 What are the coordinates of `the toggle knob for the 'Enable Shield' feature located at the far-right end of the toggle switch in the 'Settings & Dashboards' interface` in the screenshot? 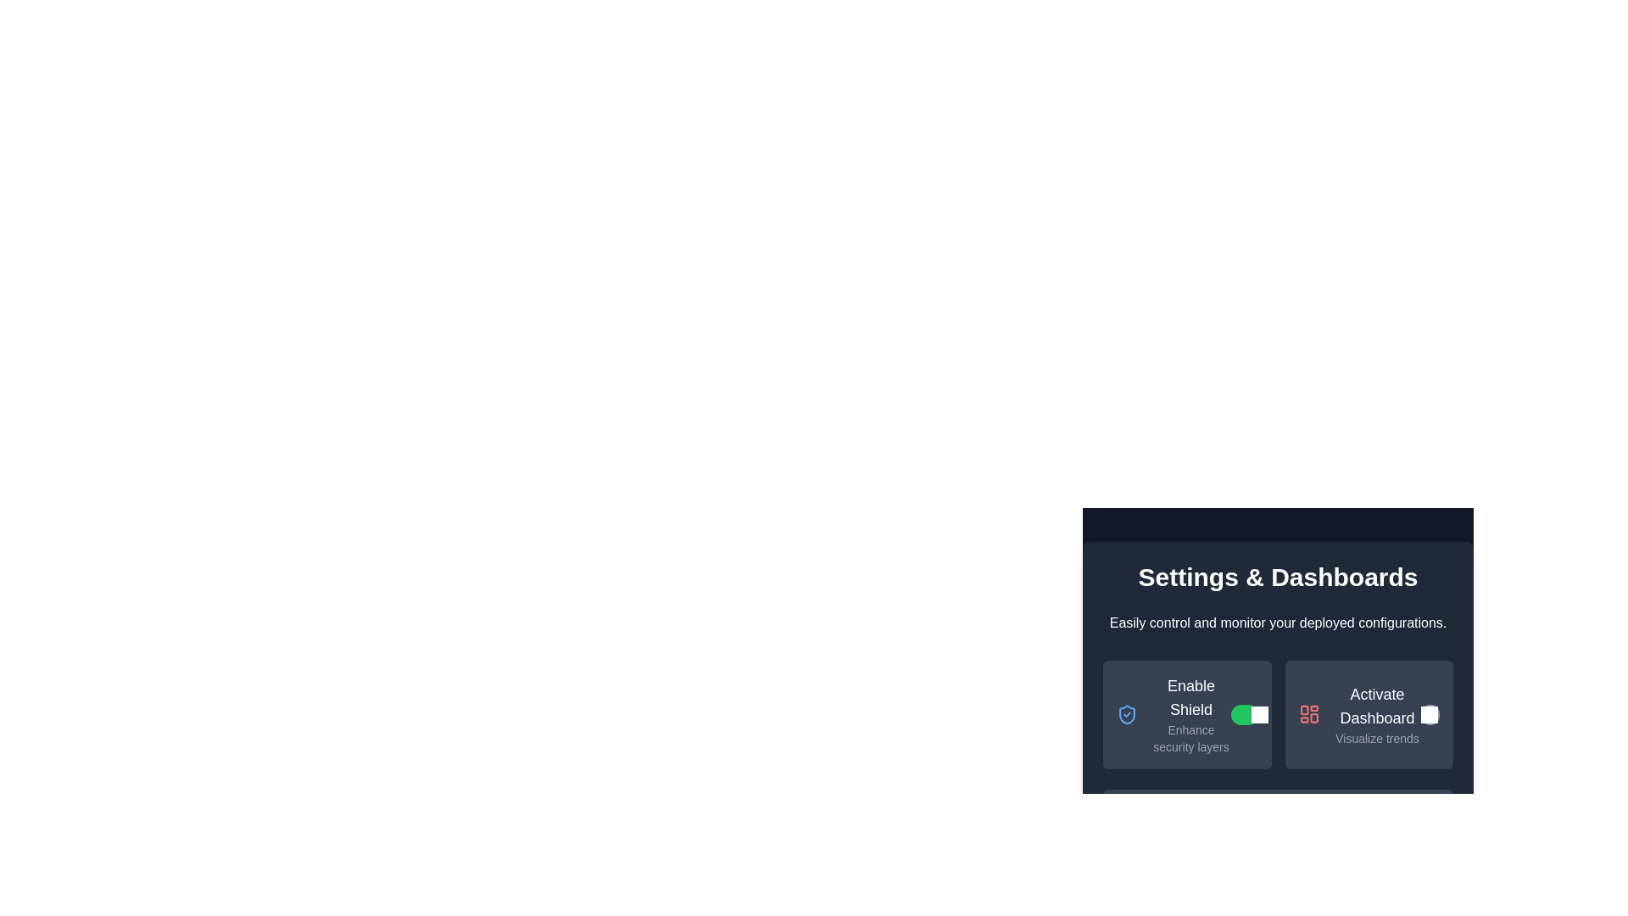 It's located at (1259, 715).